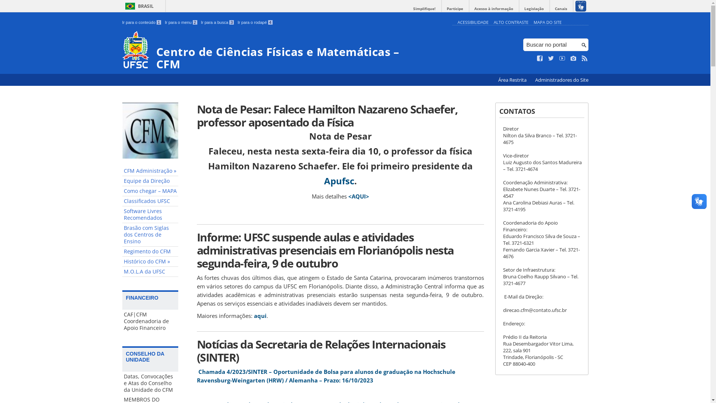 The image size is (716, 403). Describe the element at coordinates (260, 315) in the screenshot. I see `'aqui'` at that location.